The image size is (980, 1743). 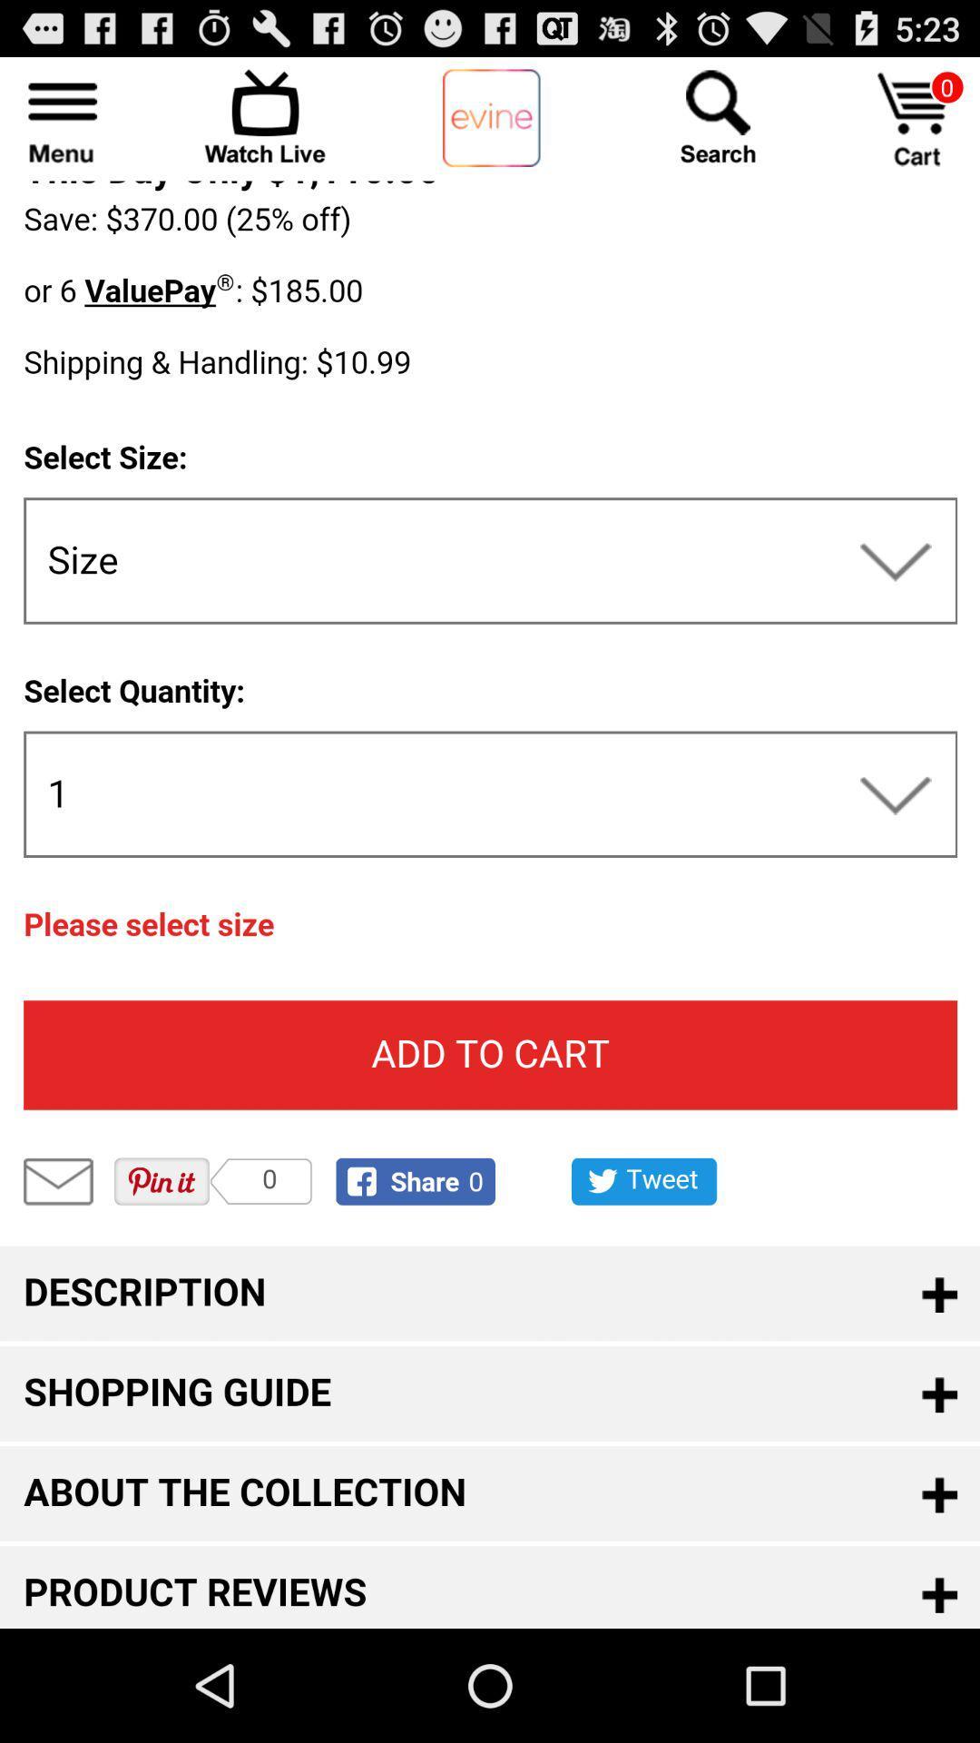 I want to click on the menu icon, so click(x=62, y=123).